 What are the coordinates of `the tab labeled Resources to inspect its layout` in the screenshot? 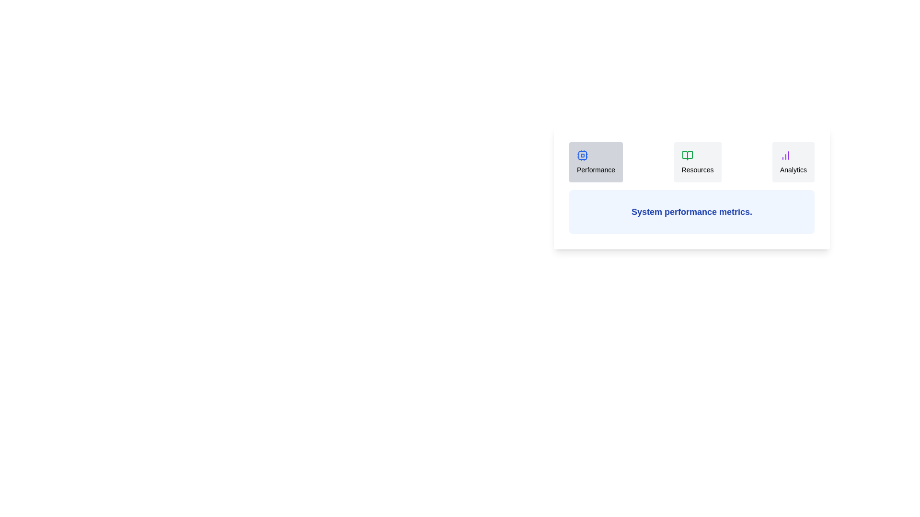 It's located at (697, 162).